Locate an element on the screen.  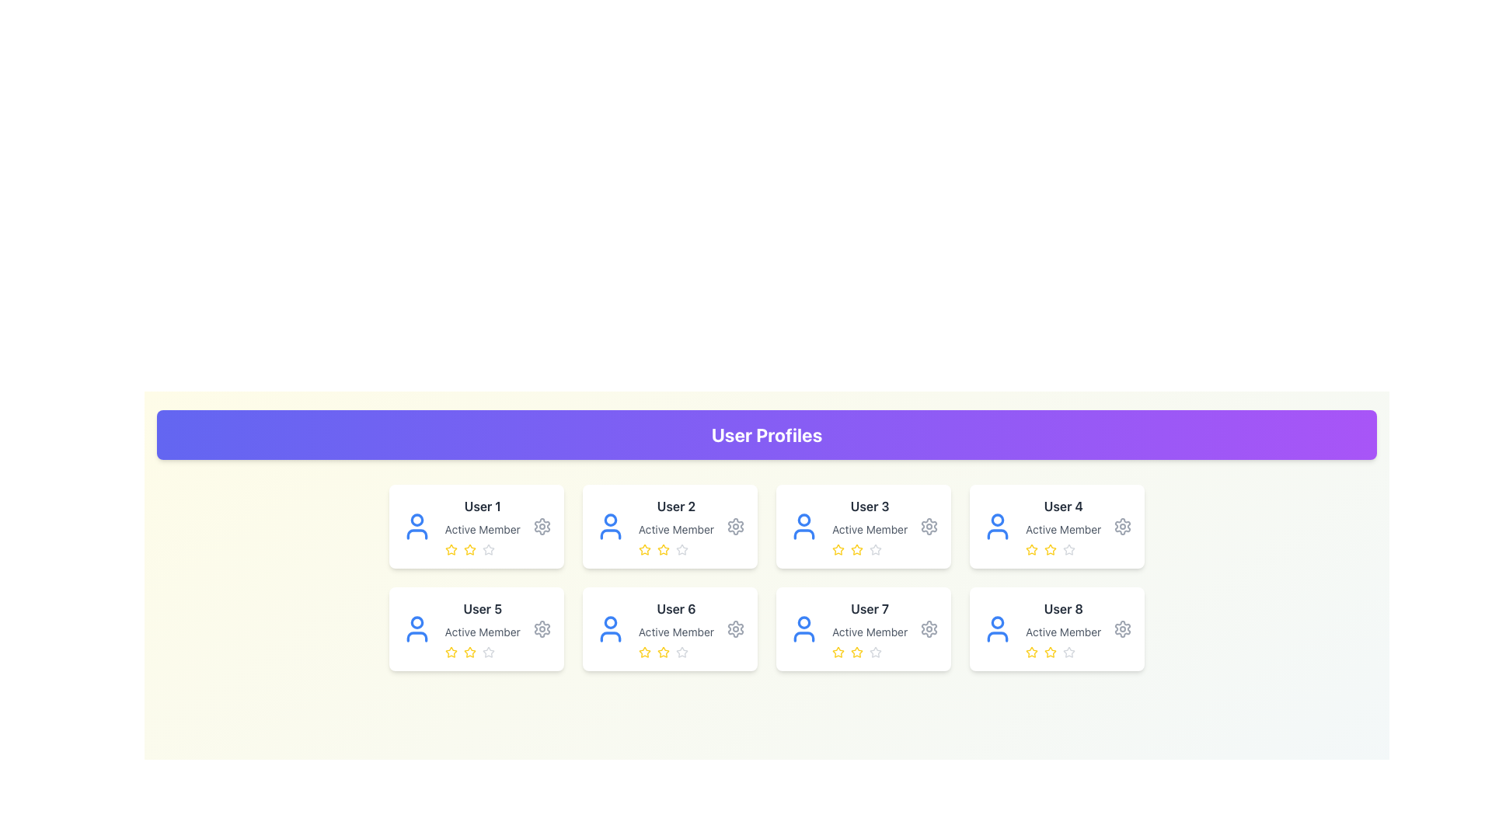
the first star in the user rating system for 'User 7' is located at coordinates (856, 652).